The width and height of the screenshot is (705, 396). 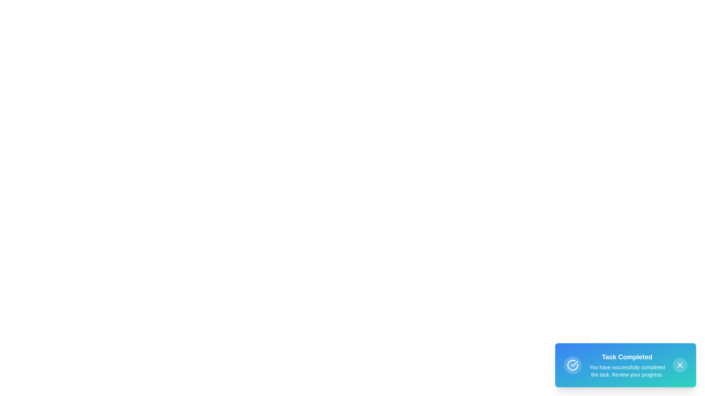 What do you see at coordinates (680, 365) in the screenshot?
I see `the close vector icon located at the center of the circular button in the bottom-right corner of the interface` at bounding box center [680, 365].